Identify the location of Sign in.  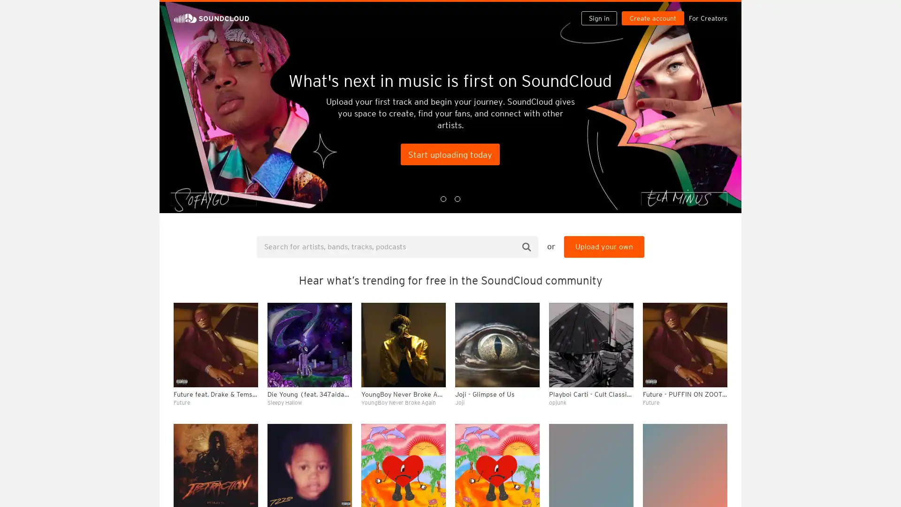
(603, 10).